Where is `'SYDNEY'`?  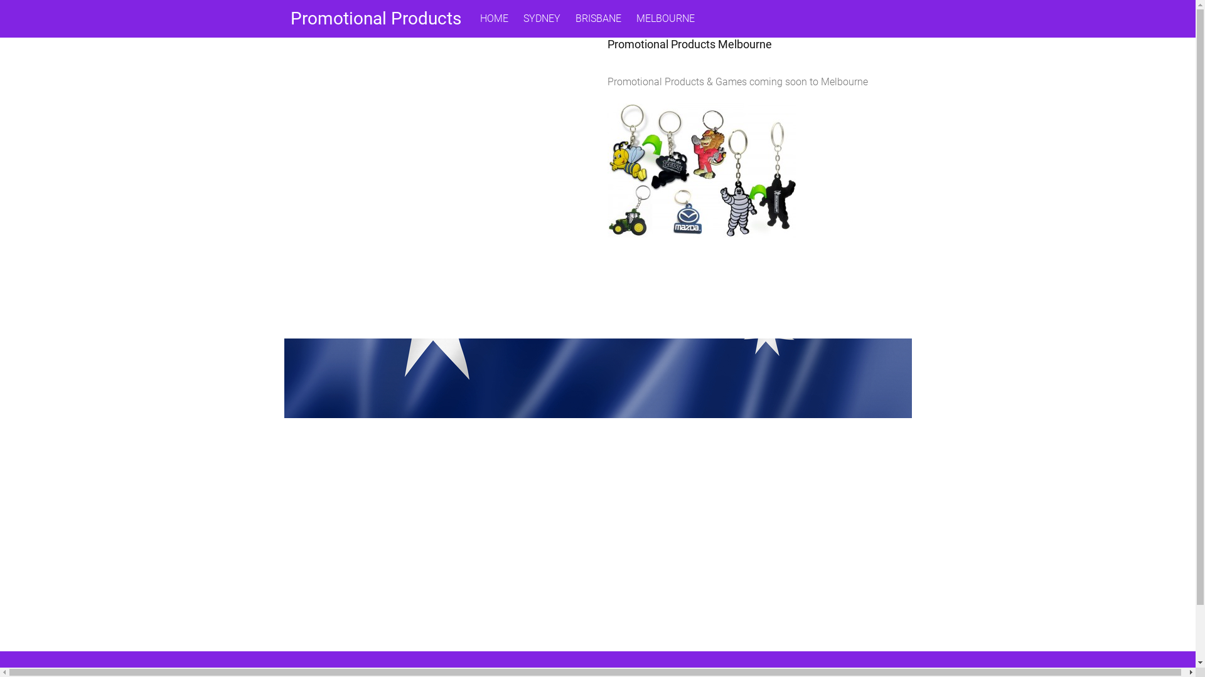
'SYDNEY' is located at coordinates (542, 19).